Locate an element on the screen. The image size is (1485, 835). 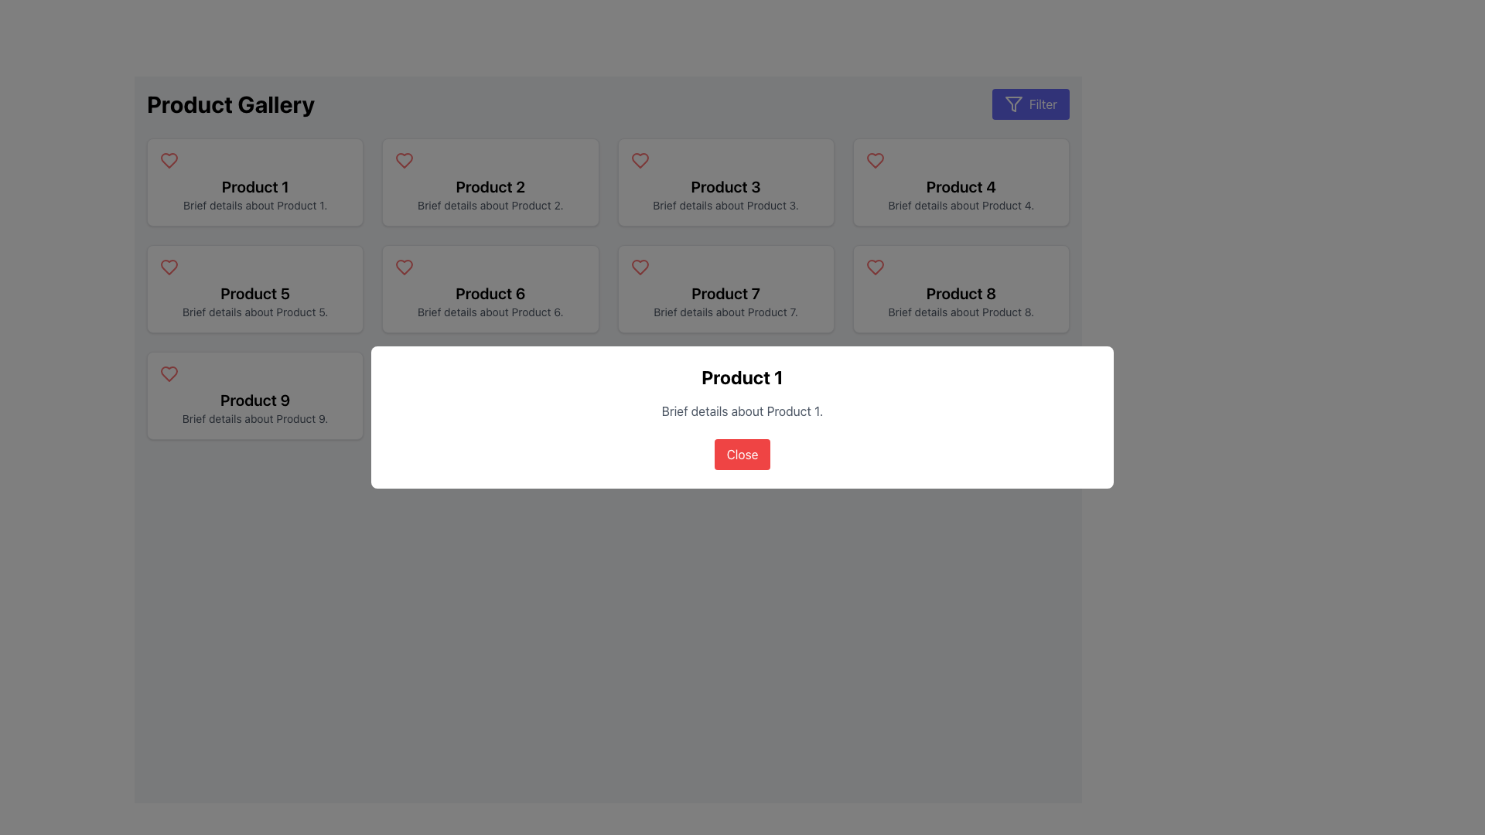
the 'Product 4' card located in the first row, fourth column of the grid layout is located at coordinates (960, 181).